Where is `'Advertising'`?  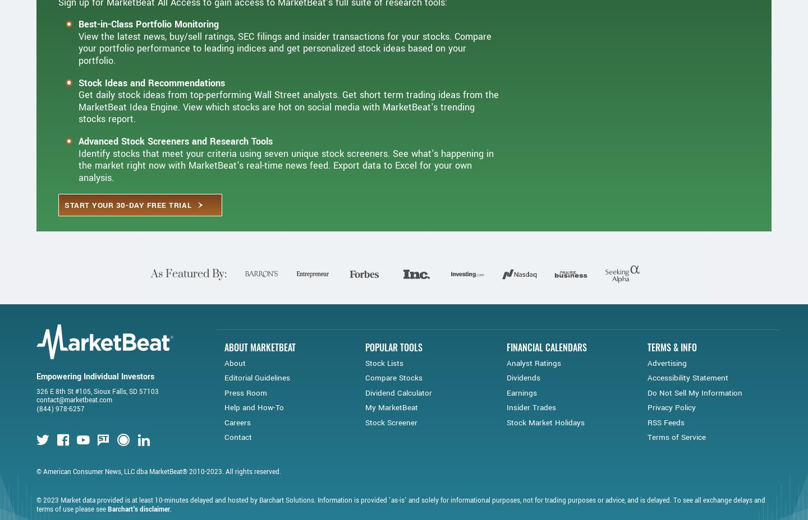
'Advertising' is located at coordinates (667, 398).